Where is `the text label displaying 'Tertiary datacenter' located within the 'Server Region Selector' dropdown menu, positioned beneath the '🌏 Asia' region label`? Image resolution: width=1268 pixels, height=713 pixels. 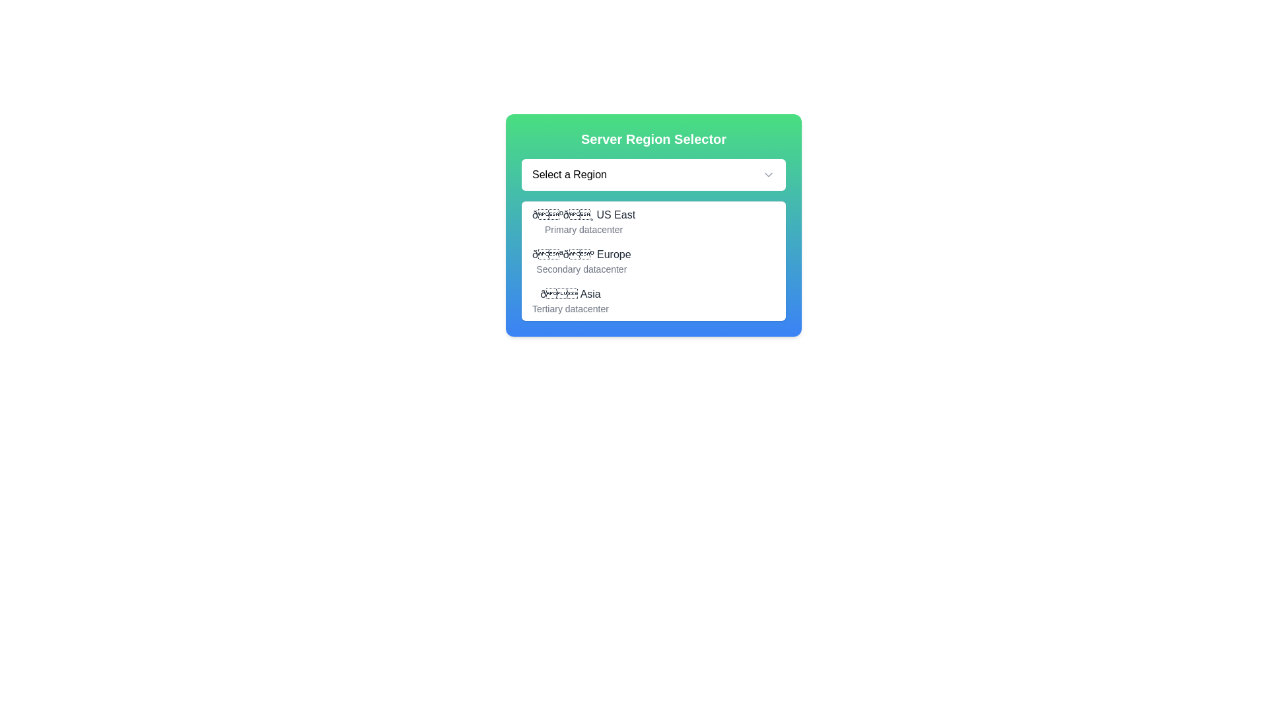
the text label displaying 'Tertiary datacenter' located within the 'Server Region Selector' dropdown menu, positioned beneath the '🌏 Asia' region label is located at coordinates (571, 308).